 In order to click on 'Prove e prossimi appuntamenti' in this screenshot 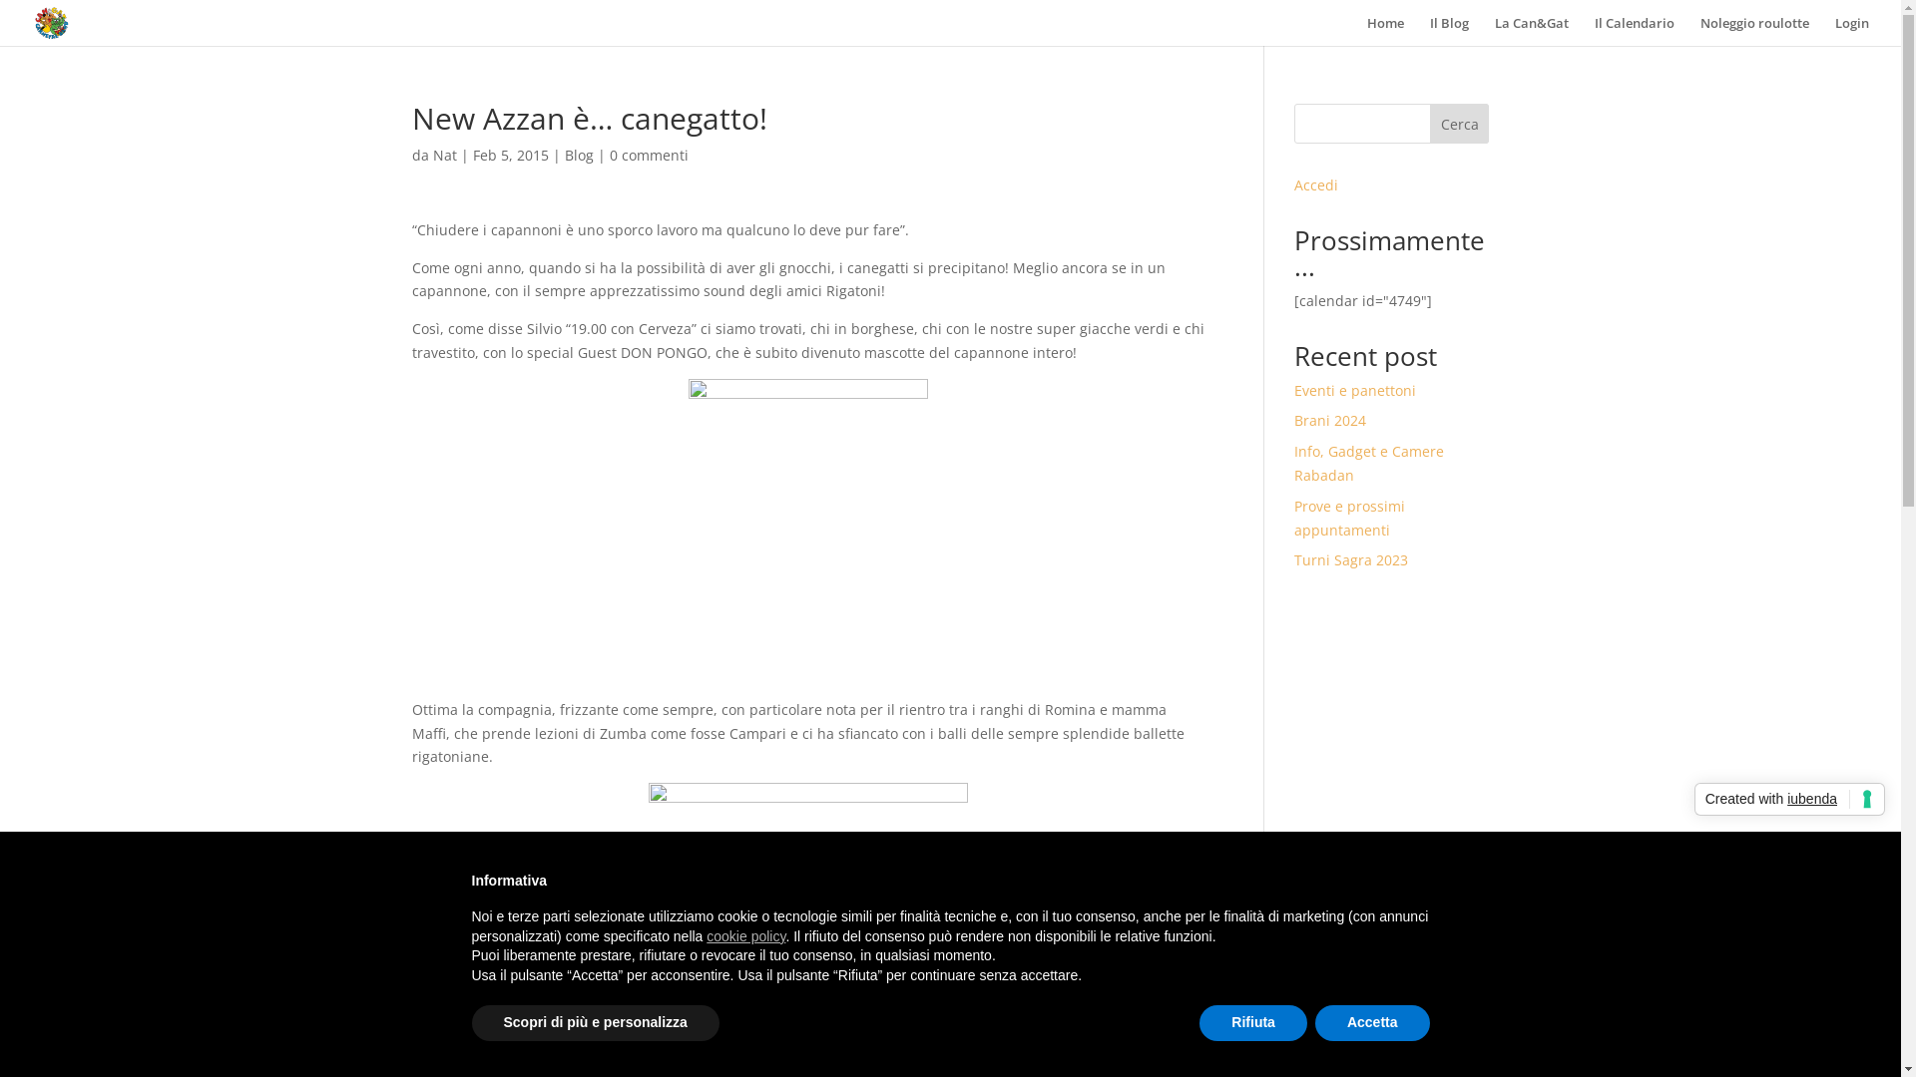, I will do `click(1349, 517)`.